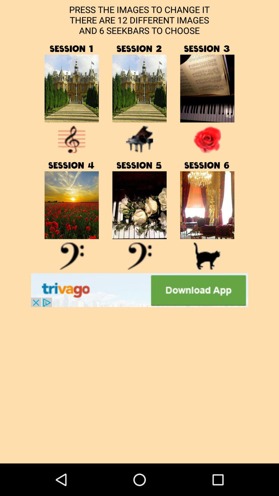  I want to click on click the option for particular process, so click(207, 88).